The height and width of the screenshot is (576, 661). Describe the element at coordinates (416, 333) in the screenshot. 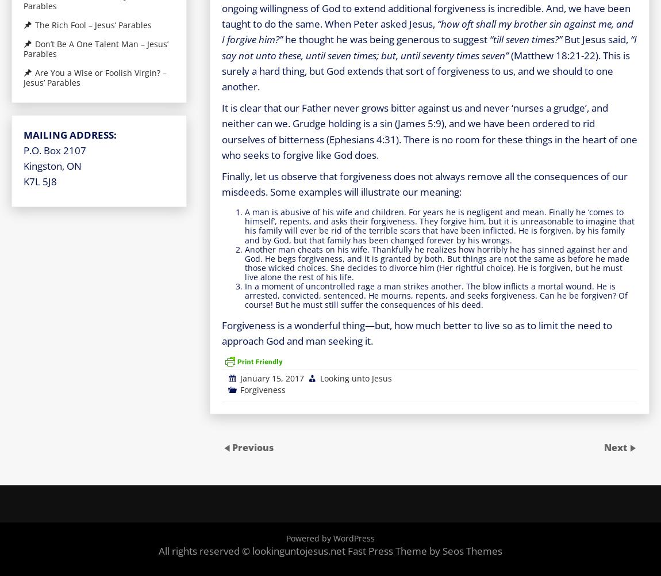

I see `'Forgiveness is a wonderful thing—but, how much better to live so as to limit the need to approach God and man seeking it.'` at that location.